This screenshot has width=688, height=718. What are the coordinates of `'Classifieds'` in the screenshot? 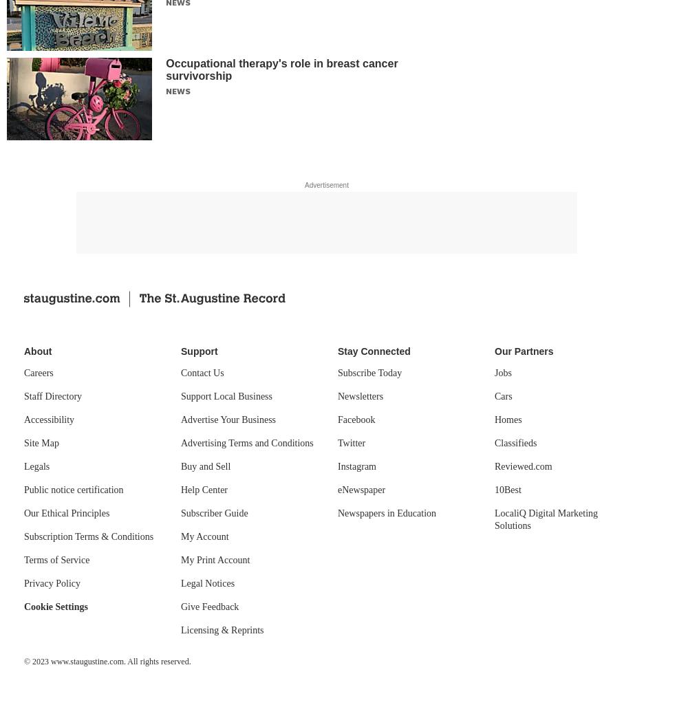 It's located at (515, 443).